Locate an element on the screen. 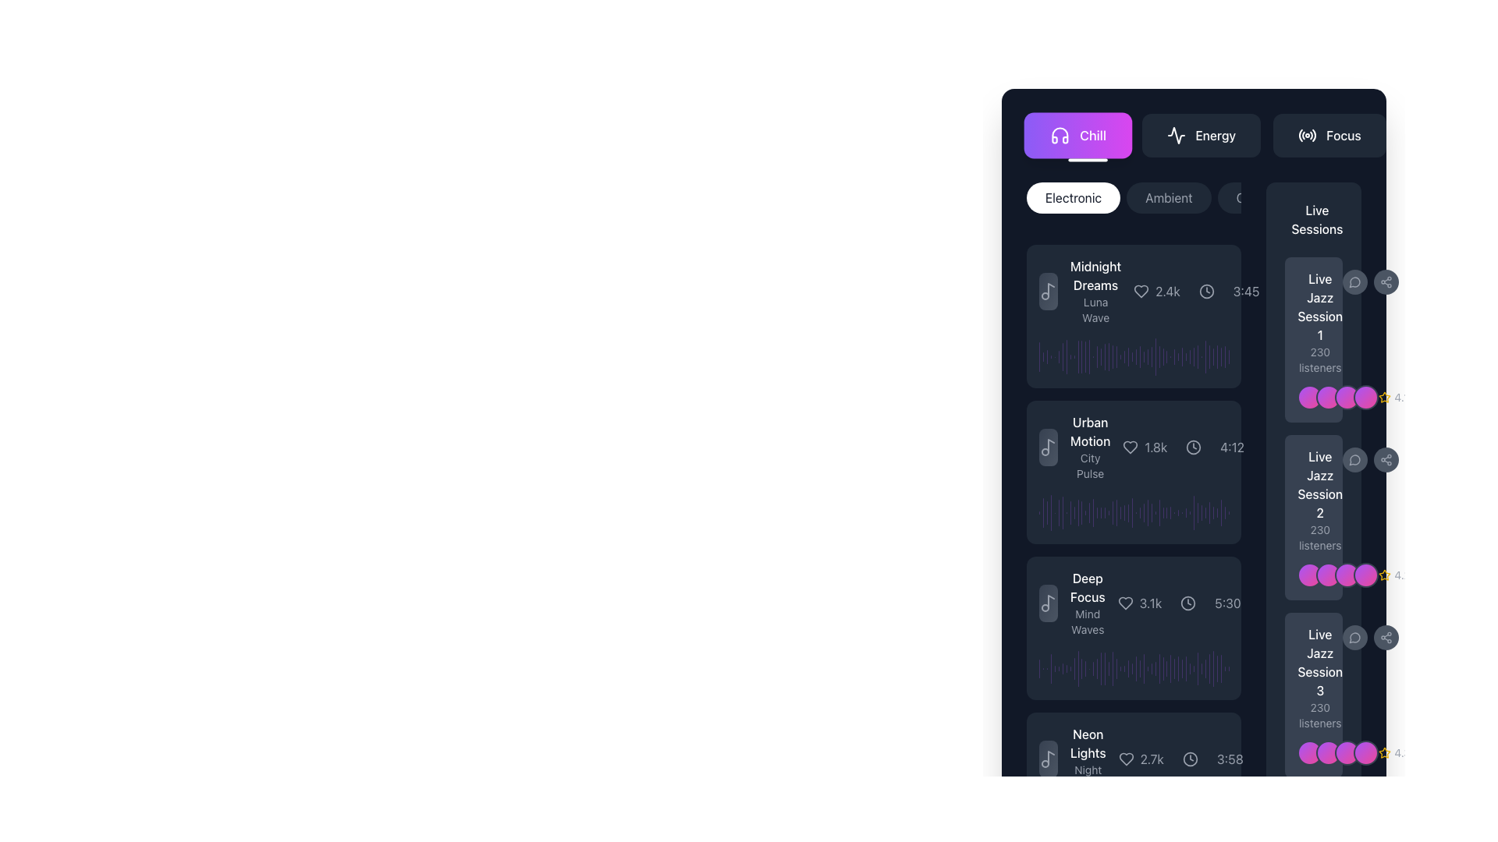 This screenshot has width=1498, height=842. the 49th visual indicator or histogram bar in the horizontal layout of vertical bars is located at coordinates (1228, 357).